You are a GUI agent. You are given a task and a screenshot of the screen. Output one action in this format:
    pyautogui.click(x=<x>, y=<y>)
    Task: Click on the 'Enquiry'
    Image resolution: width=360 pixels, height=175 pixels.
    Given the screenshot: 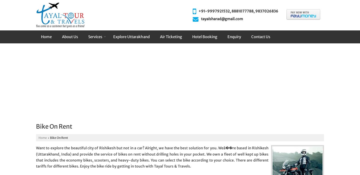 What is the action you would take?
    pyautogui.click(x=227, y=36)
    